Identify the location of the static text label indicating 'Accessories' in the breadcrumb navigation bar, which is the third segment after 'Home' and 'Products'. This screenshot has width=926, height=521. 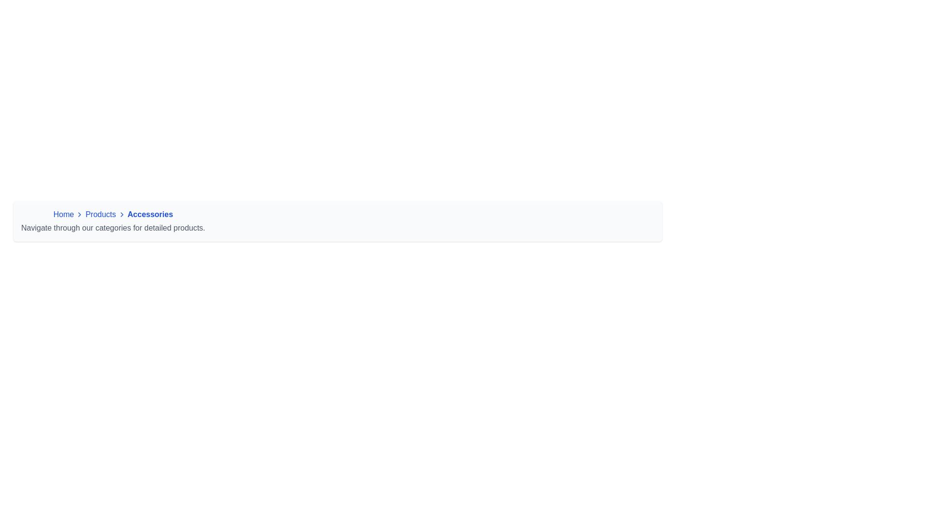
(150, 214).